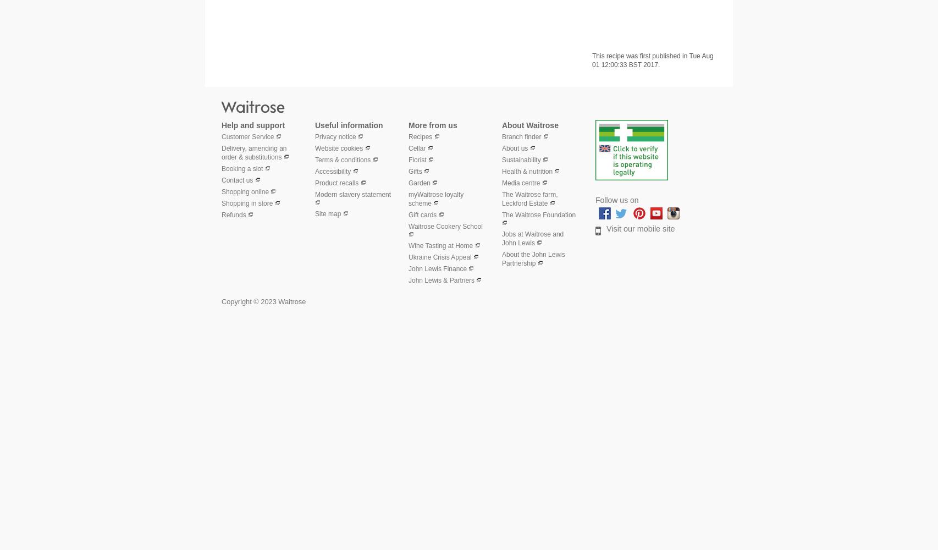 The height and width of the screenshot is (550, 938). I want to click on 'Pinterest', so click(664, 211).